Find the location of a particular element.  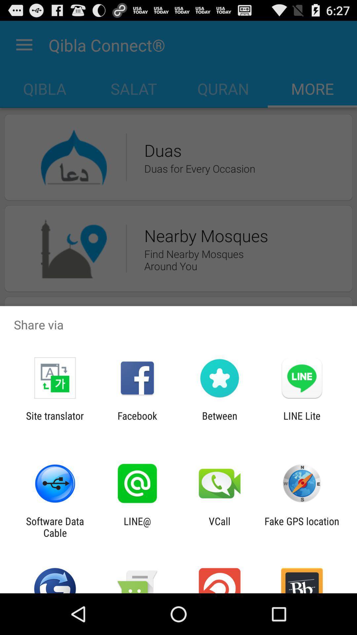

the between icon is located at coordinates (219, 421).